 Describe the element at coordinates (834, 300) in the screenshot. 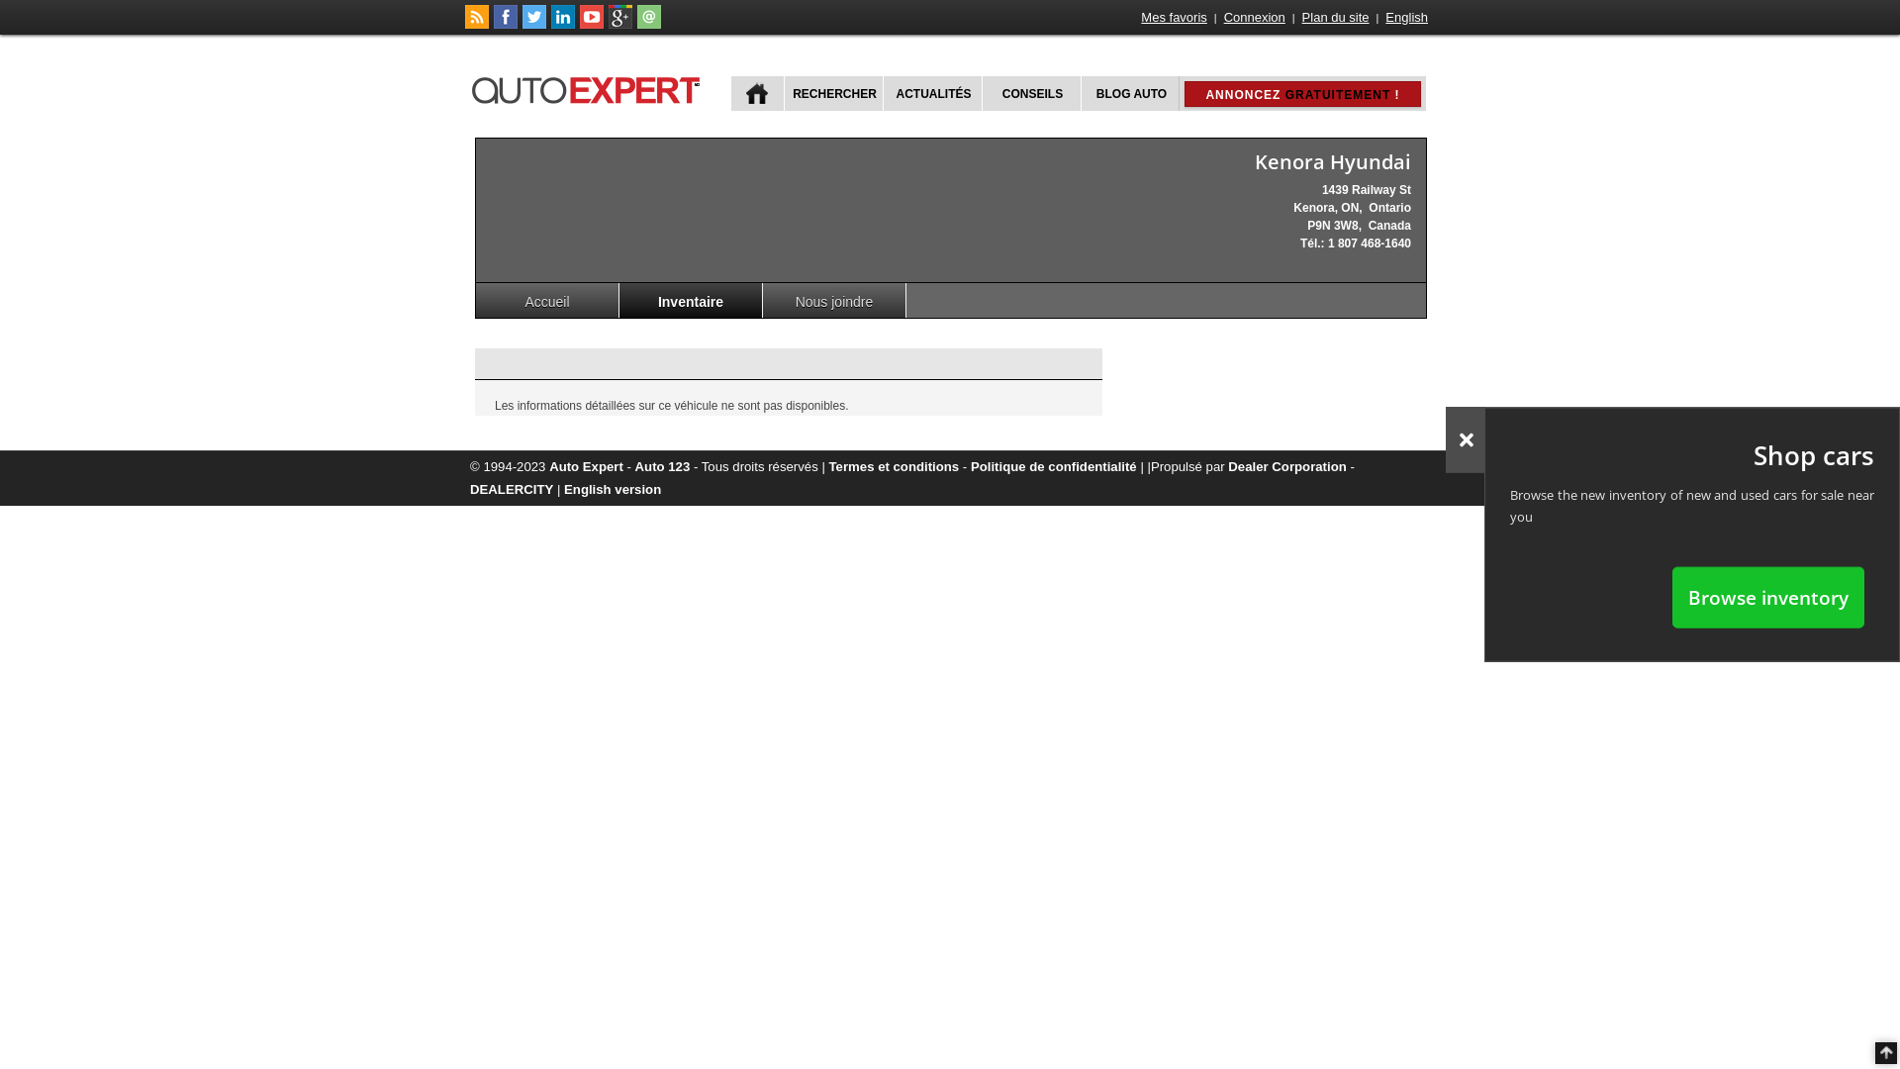

I see `'Nous joindre'` at that location.